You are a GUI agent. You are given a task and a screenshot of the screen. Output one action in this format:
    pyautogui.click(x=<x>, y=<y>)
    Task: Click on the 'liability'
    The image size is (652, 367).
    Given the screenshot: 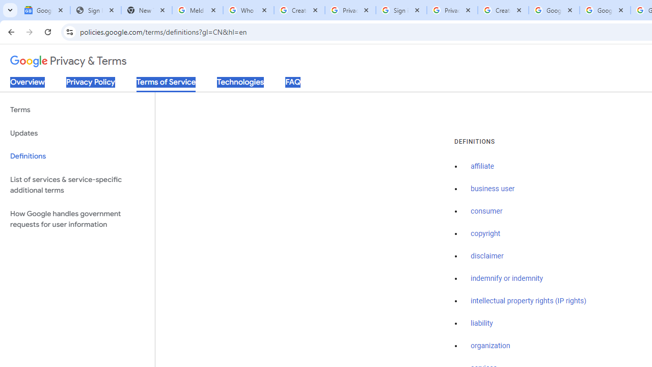 What is the action you would take?
    pyautogui.click(x=481, y=323)
    